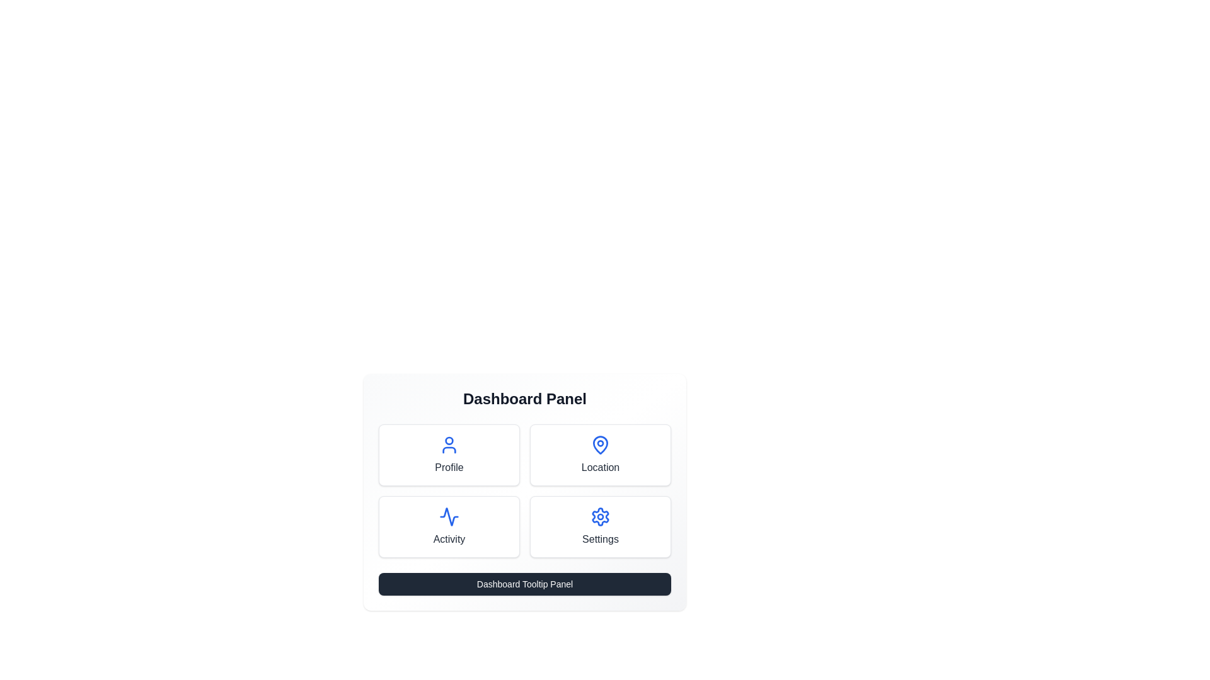  I want to click on the settings button located in the second row, second column of the grid layout, which is positioned to the right of the 'Activity' card and beneath the 'Location' card, so click(600, 527).